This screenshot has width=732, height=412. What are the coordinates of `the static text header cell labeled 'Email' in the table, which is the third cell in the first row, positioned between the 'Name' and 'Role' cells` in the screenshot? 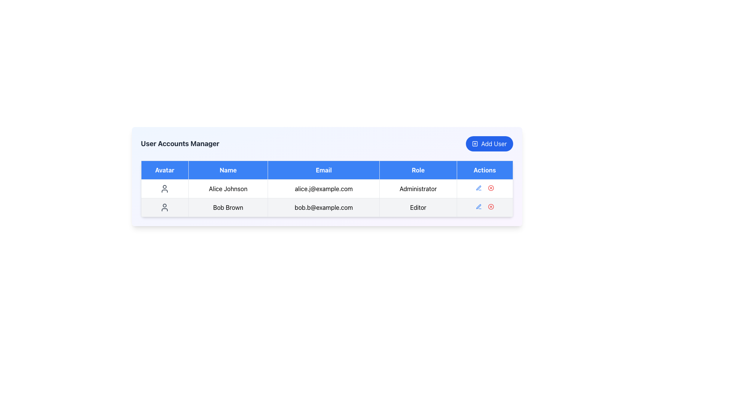 It's located at (324, 170).